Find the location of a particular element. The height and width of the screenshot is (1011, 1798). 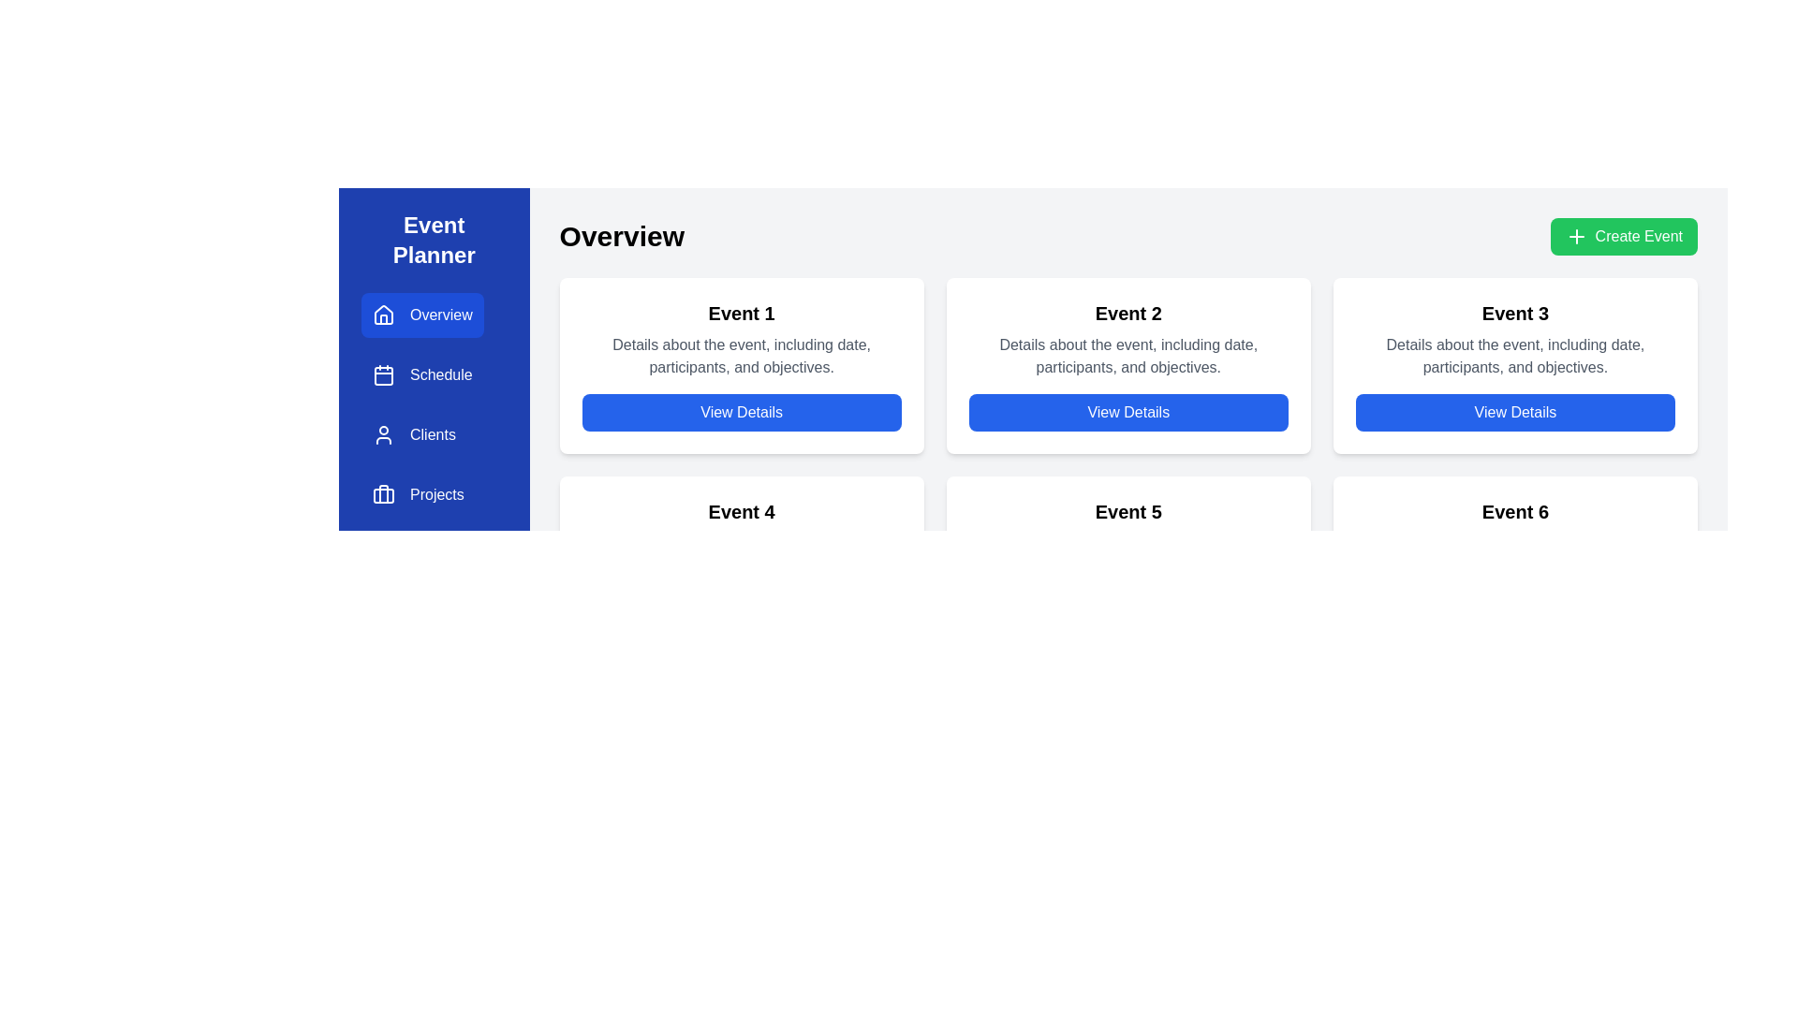

the title and subtitle block that displays event information for 'Event 2', located in the second card of the upper row between 'Event 1' and 'Event 3' is located at coordinates (1127, 339).